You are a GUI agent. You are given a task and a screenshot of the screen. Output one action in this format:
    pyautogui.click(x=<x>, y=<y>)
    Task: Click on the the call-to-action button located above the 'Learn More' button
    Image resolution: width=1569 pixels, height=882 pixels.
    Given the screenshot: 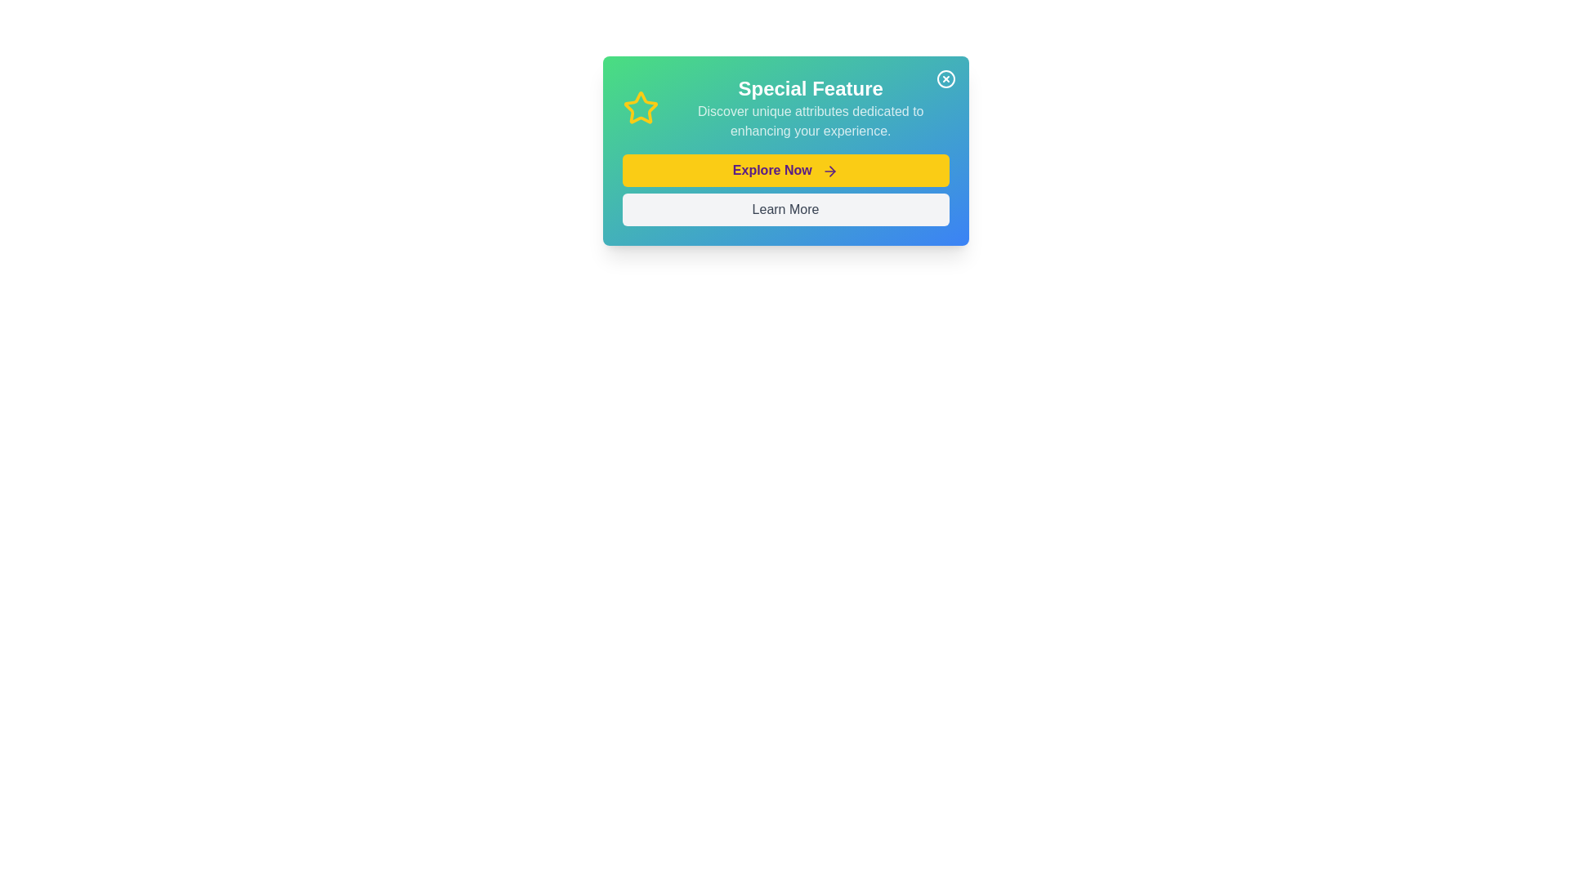 What is the action you would take?
    pyautogui.click(x=785, y=170)
    